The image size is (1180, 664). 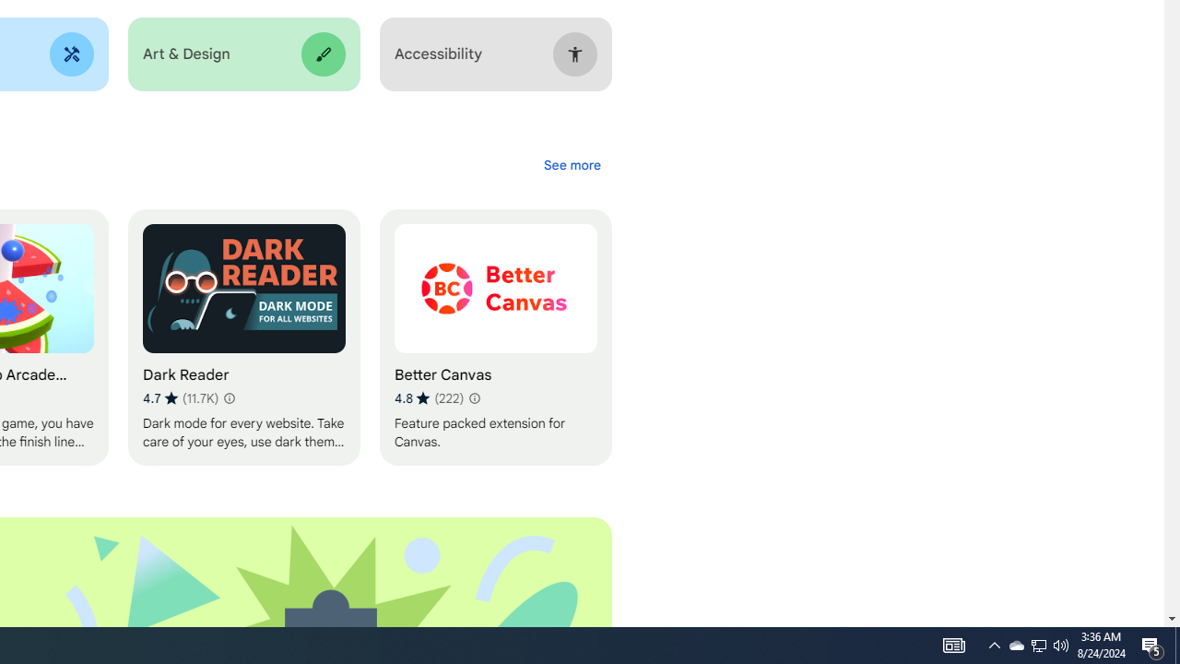 What do you see at coordinates (495, 338) in the screenshot?
I see `'Better Canvas'` at bounding box center [495, 338].